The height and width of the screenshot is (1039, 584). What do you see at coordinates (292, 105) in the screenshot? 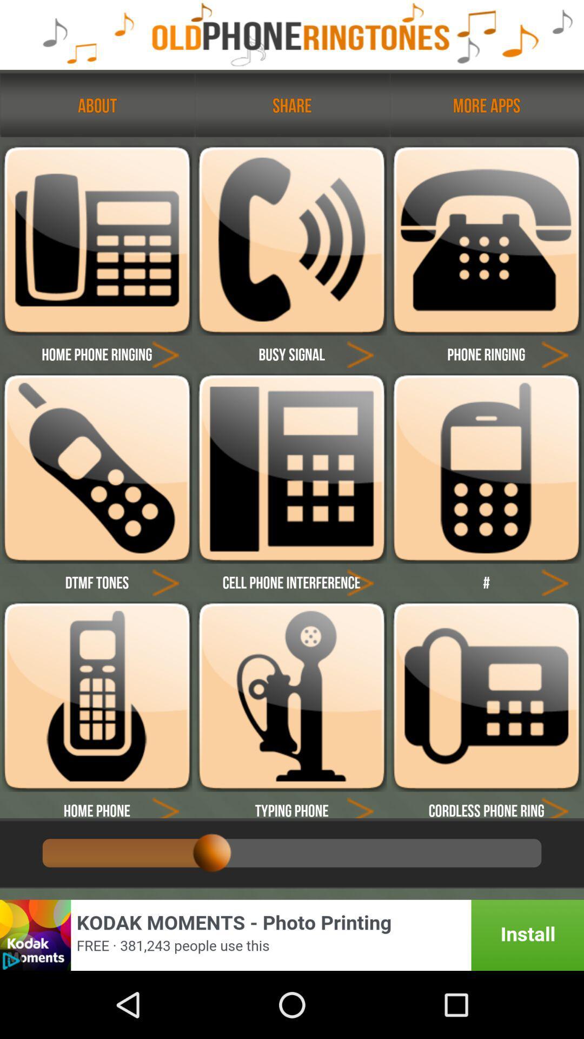
I see `text called share` at bounding box center [292, 105].